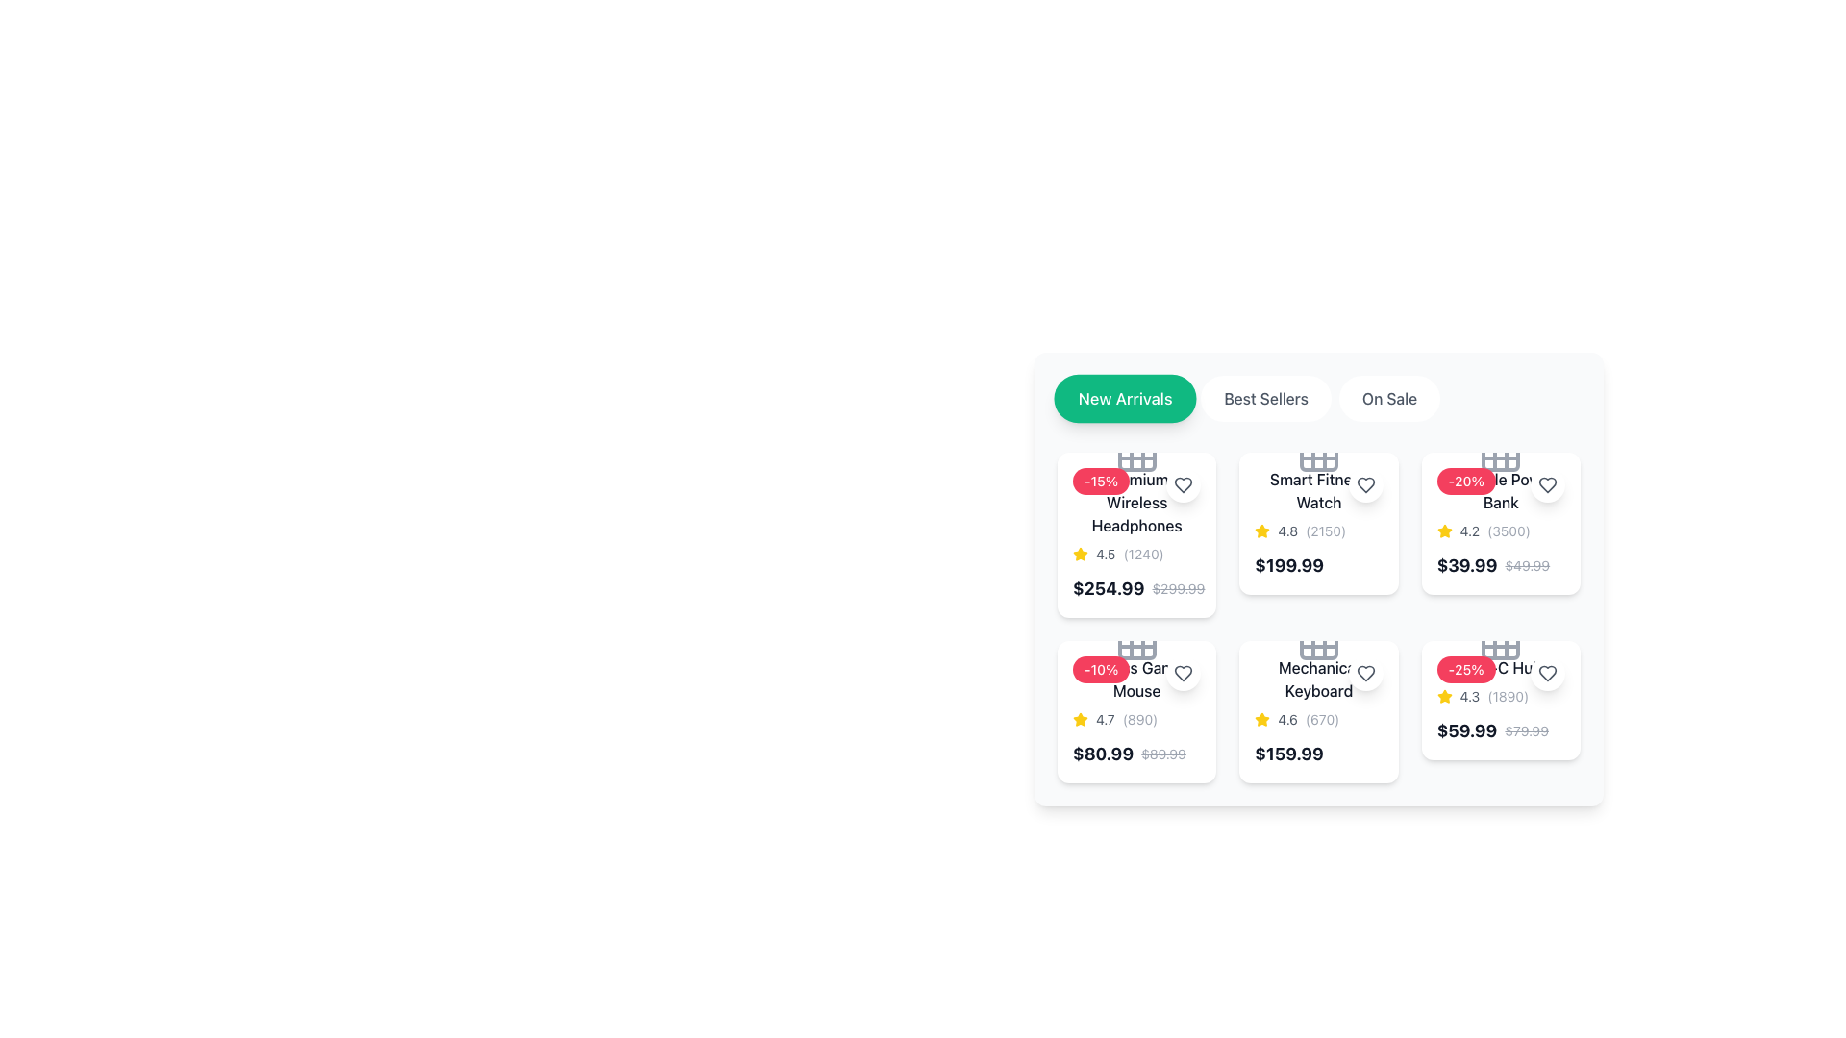 Image resolution: width=1846 pixels, height=1038 pixels. What do you see at coordinates (1139, 719) in the screenshot?
I see `text from the Text Label that shows the number of reviews or ratings associated with a product, specifically the element located to the right of the rating text '4.7'` at bounding box center [1139, 719].